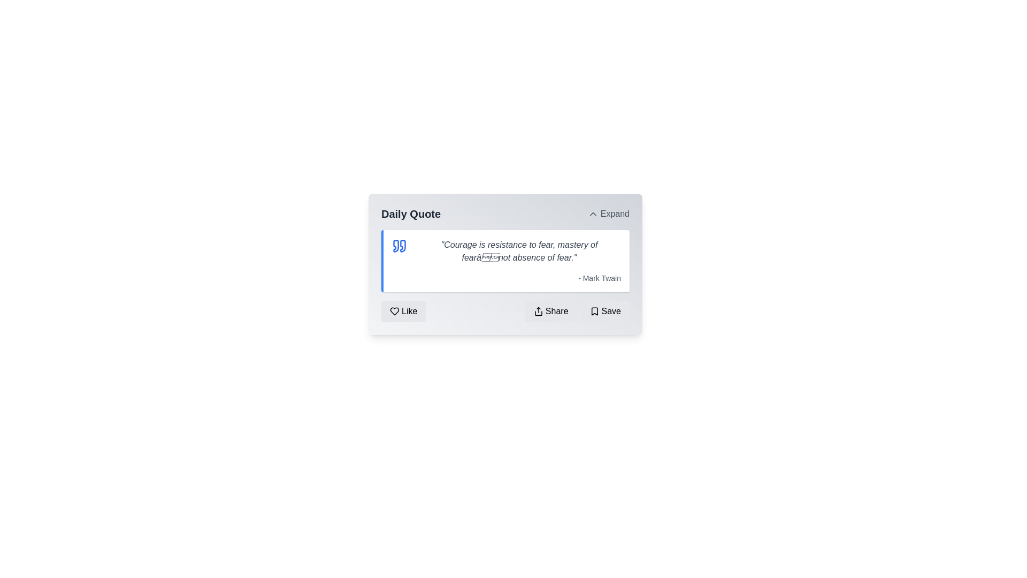 The height and width of the screenshot is (578, 1027). Describe the element at coordinates (410, 214) in the screenshot. I see `the 'Daily Quote' text label, which serves as a heading for the associated content below` at that location.